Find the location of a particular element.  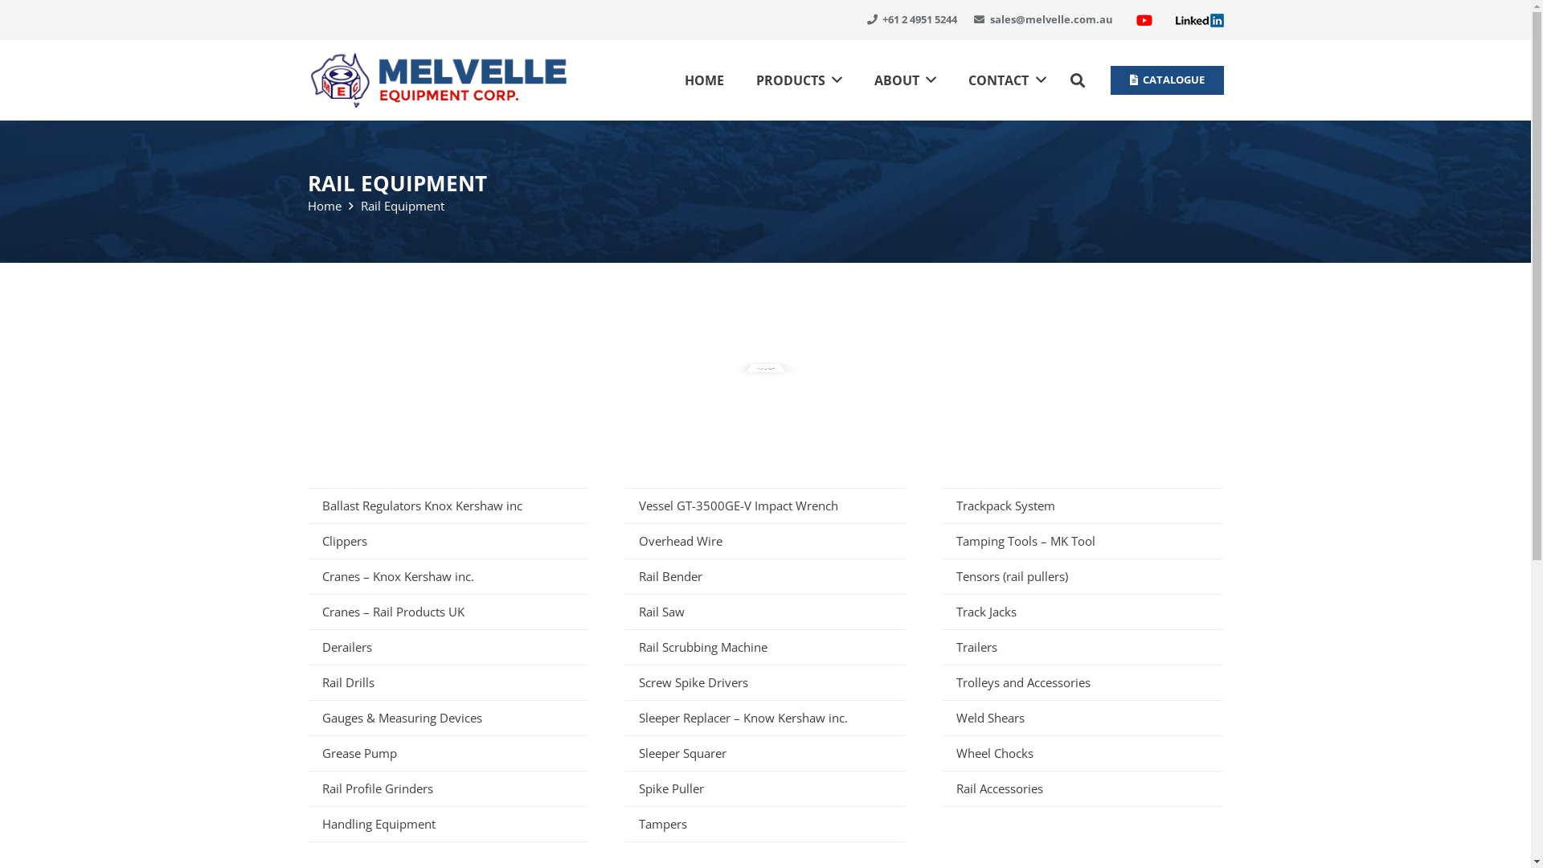

'ABOUT' is located at coordinates (905, 80).